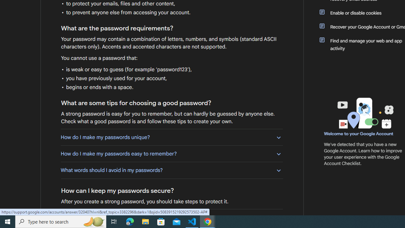 This screenshot has height=228, width=405. What do you see at coordinates (171, 170) in the screenshot?
I see `'What words should I avoid in my passwords?'` at bounding box center [171, 170].